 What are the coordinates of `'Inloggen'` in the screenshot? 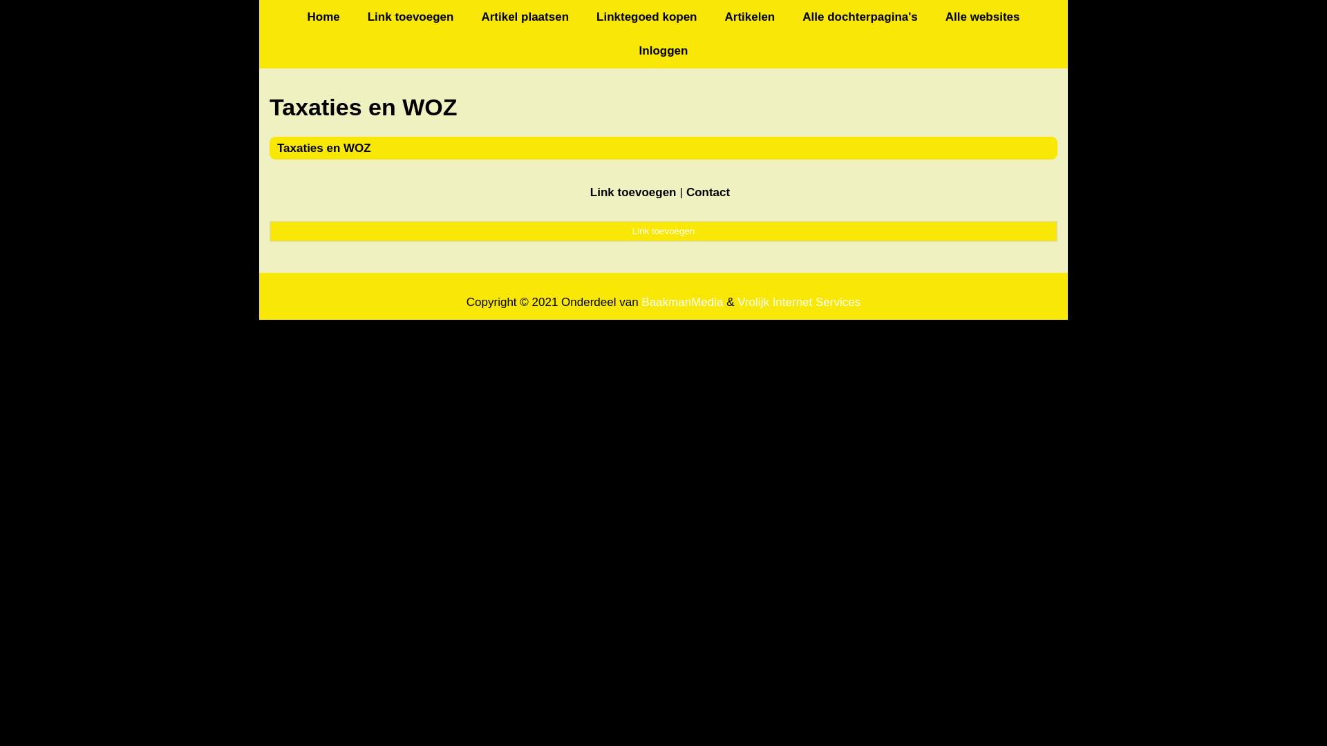 It's located at (663, 50).